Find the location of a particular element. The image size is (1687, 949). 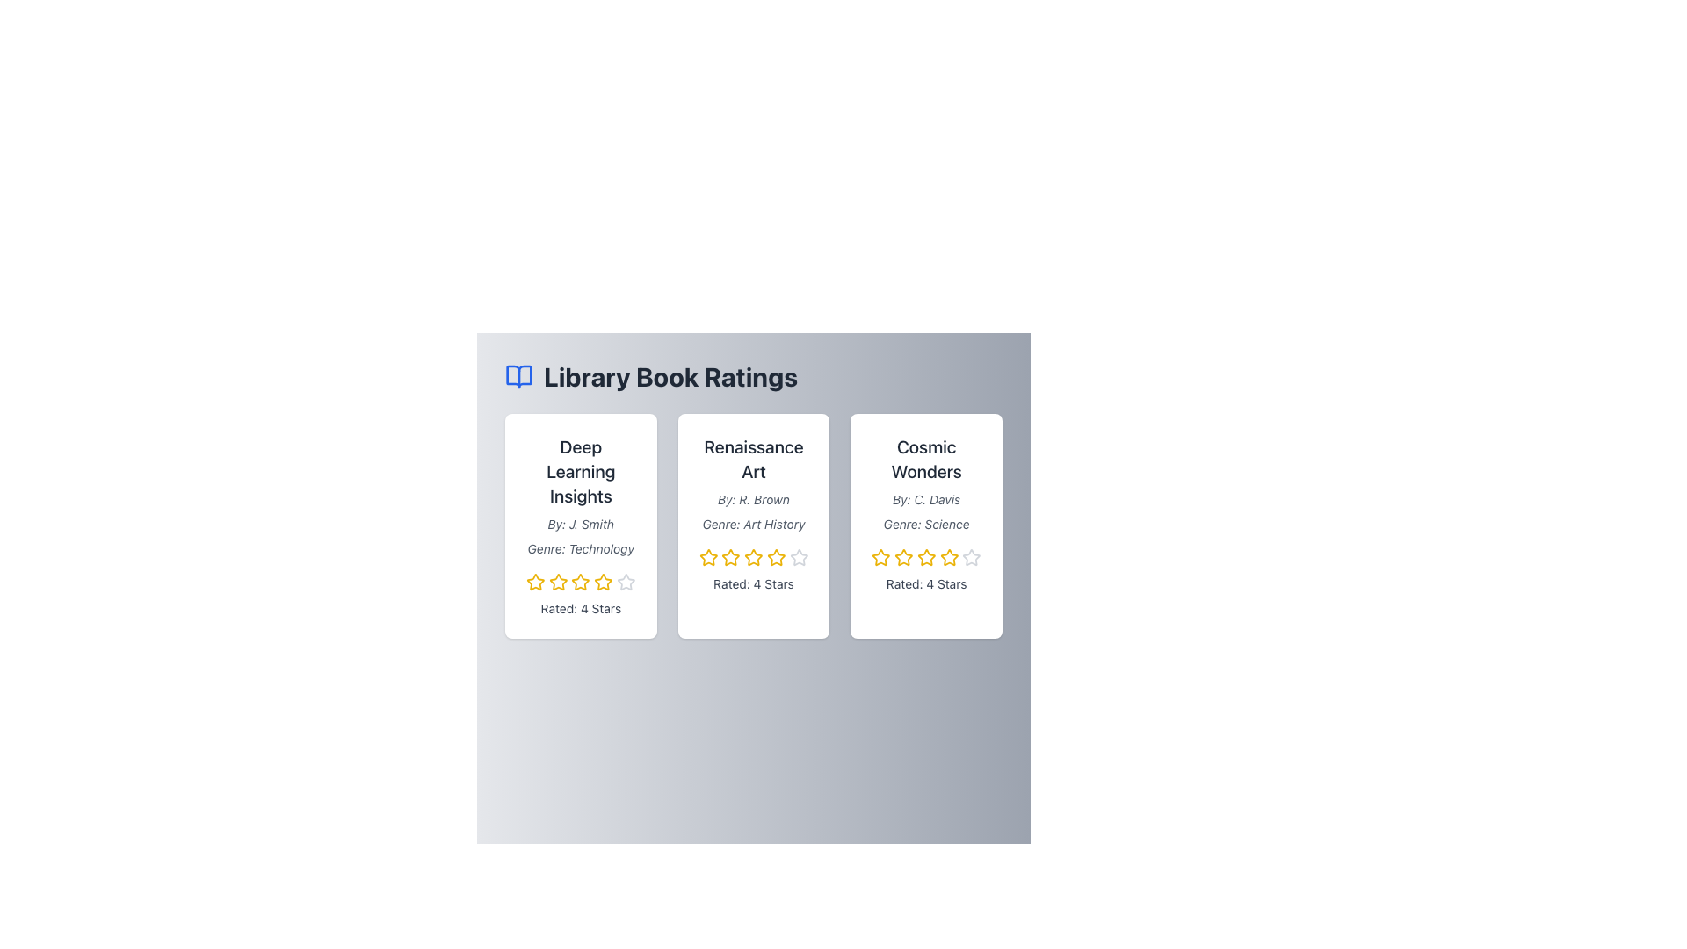

text label displaying the author's name 'J. Smith' located beneath the header 'Deep Learning Insights' in the first card of the three-column layout is located at coordinates (581, 524).